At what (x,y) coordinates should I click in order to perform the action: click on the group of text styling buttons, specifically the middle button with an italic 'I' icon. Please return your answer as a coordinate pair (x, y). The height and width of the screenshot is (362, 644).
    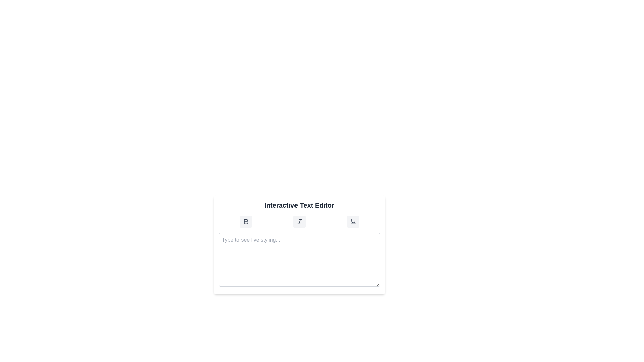
    Looking at the image, I should click on (299, 221).